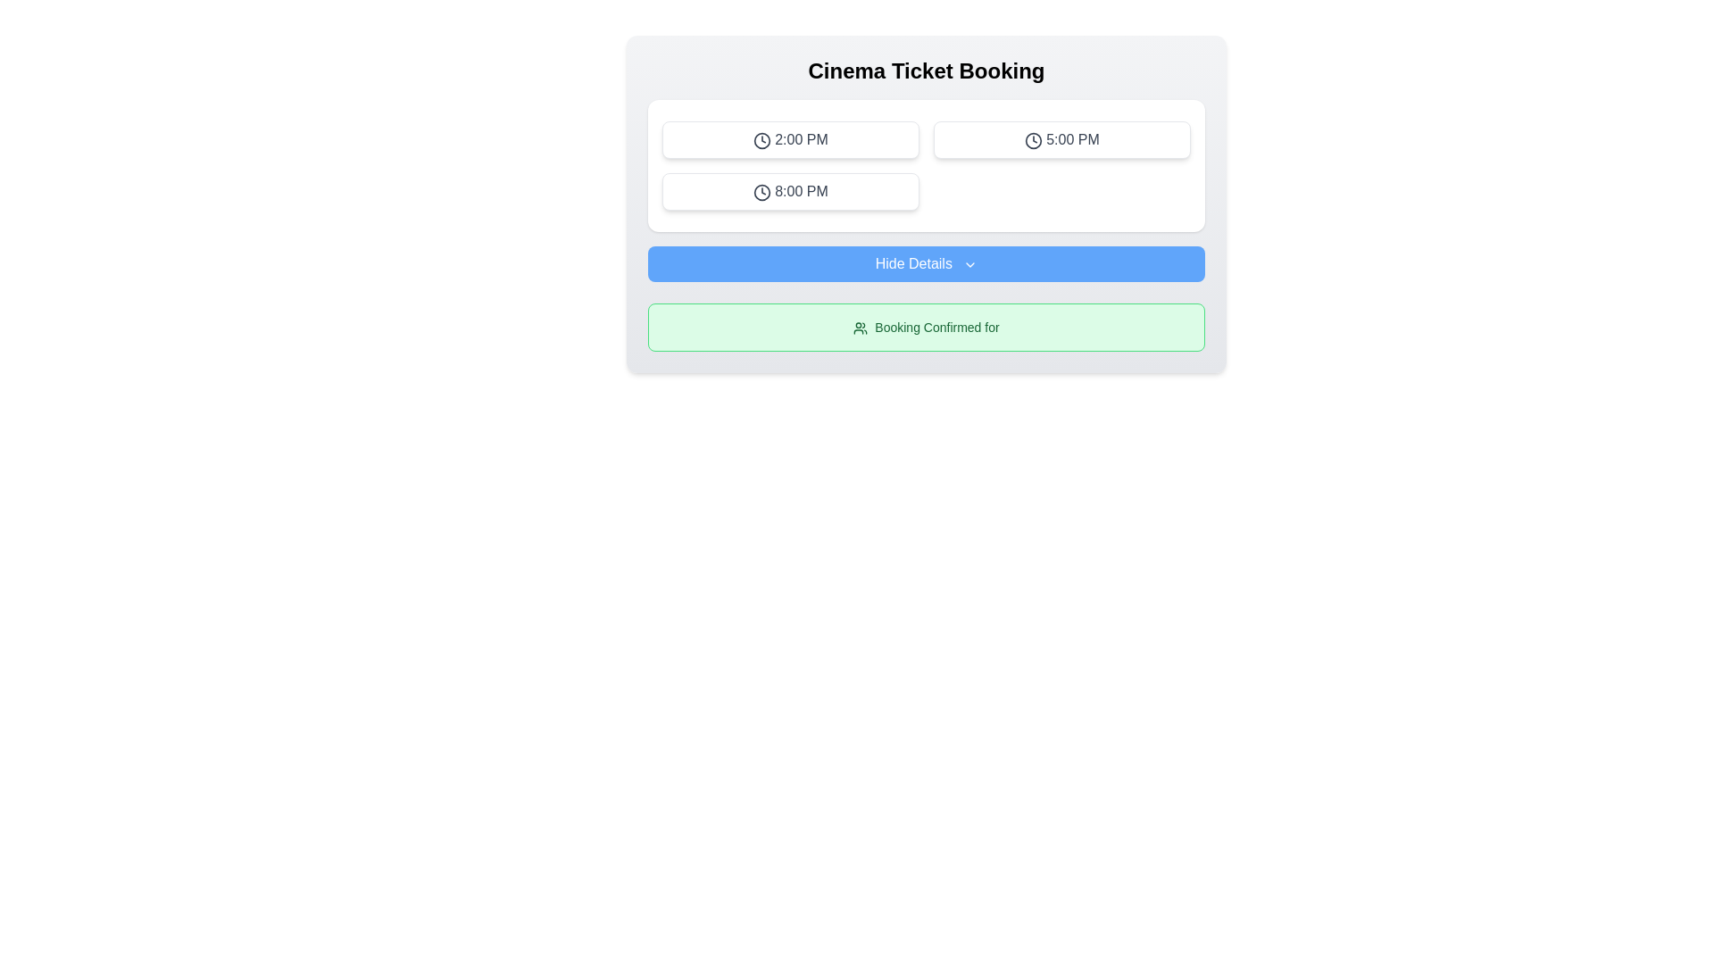 The height and width of the screenshot is (964, 1714). I want to click on the circular icon within the clock graphic that denotes time, located next to the '2:00 PM' label in the upper-left section of the interface, so click(762, 139).